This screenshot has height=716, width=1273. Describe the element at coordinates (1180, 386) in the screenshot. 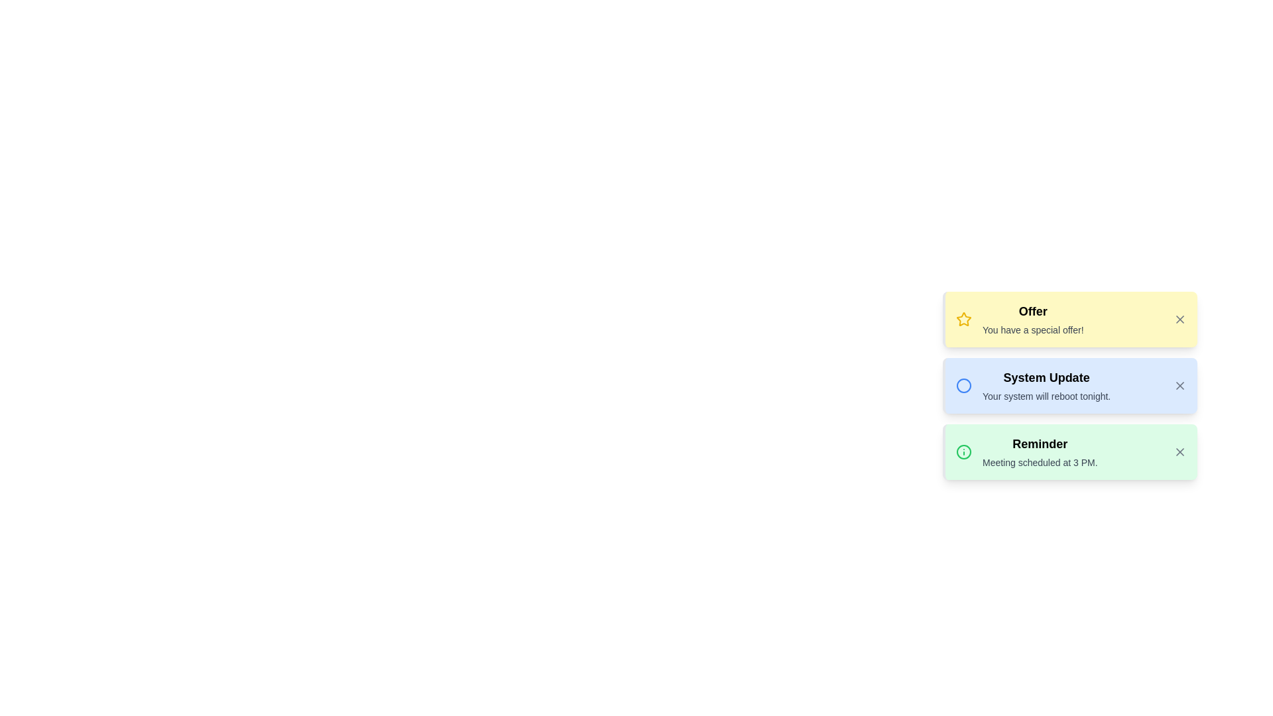

I see `the close button of the notification with title System Update` at that location.